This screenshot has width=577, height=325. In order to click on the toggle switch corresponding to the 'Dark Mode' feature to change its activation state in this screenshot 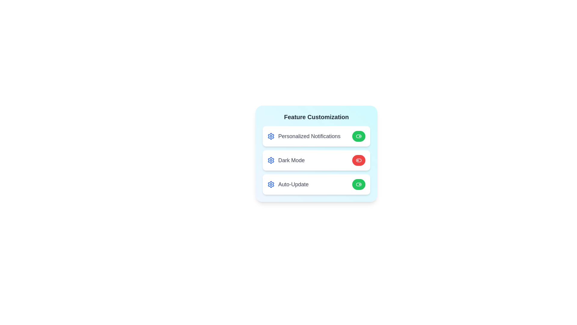, I will do `click(359, 160)`.